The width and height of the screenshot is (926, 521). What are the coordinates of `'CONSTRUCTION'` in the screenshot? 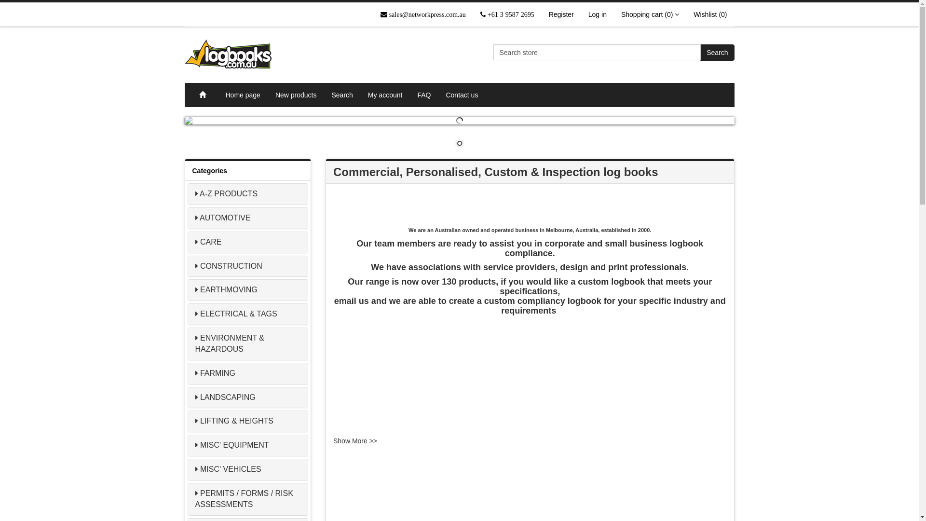 It's located at (199, 266).